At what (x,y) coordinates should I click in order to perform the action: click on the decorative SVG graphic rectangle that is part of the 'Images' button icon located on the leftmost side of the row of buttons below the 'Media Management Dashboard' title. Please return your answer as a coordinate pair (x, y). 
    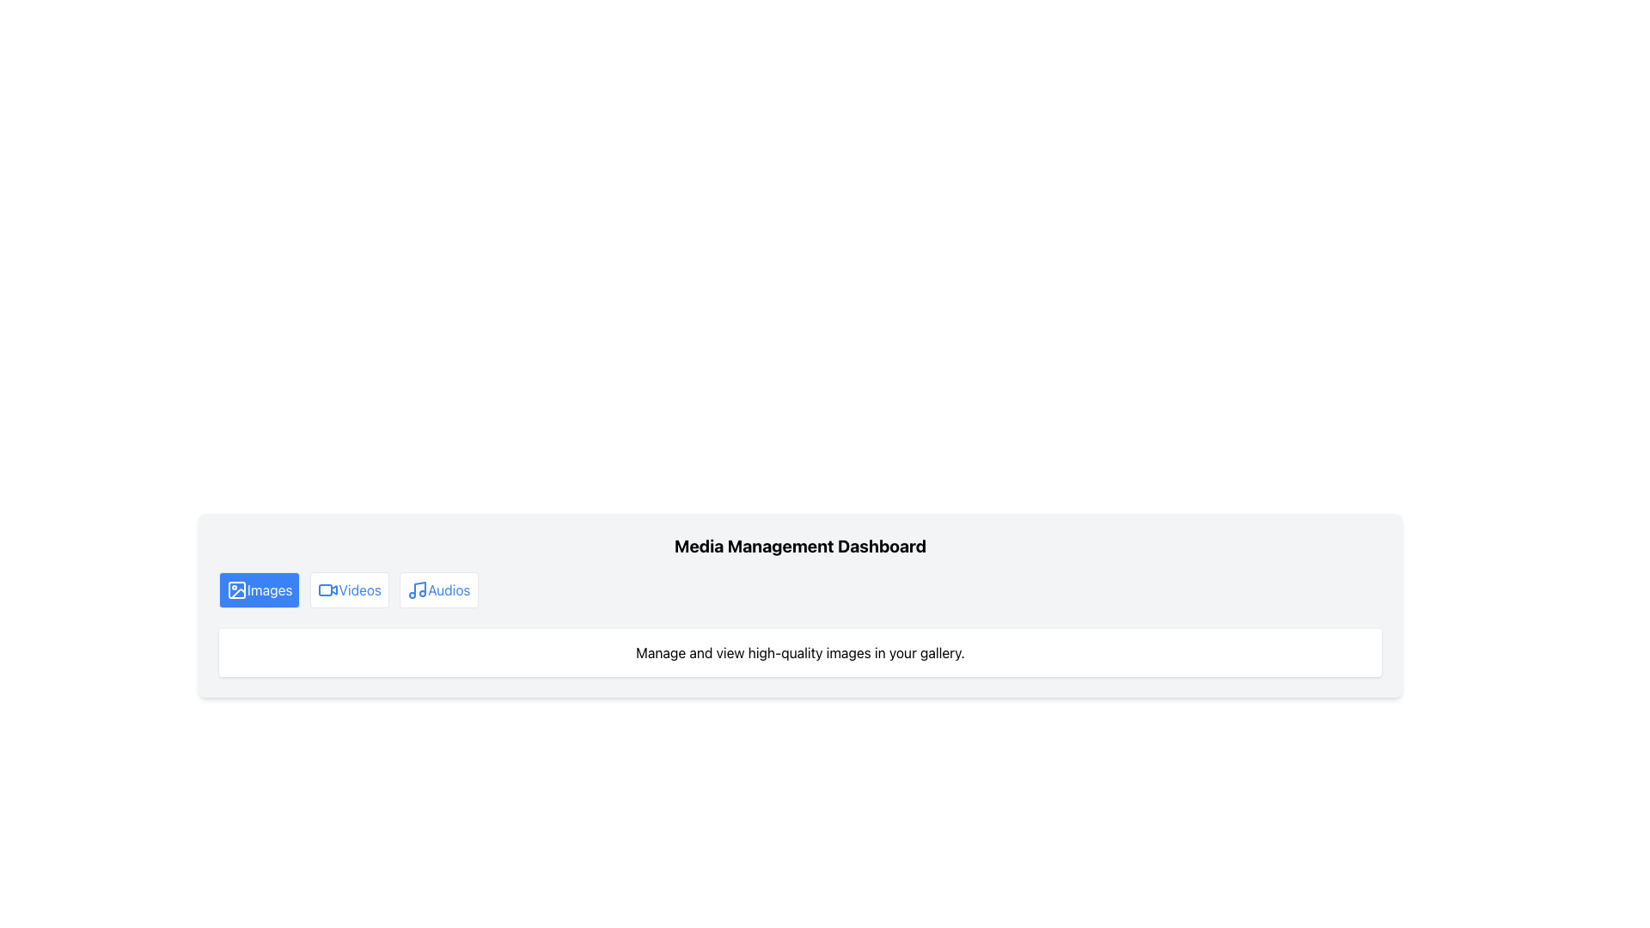
    Looking at the image, I should click on (235, 589).